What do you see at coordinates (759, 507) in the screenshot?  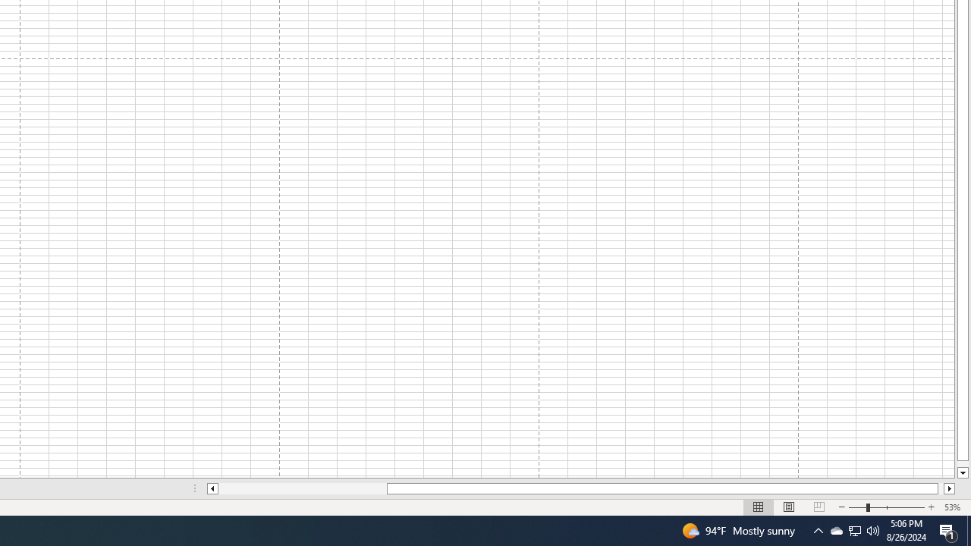 I see `'Normal'` at bounding box center [759, 507].